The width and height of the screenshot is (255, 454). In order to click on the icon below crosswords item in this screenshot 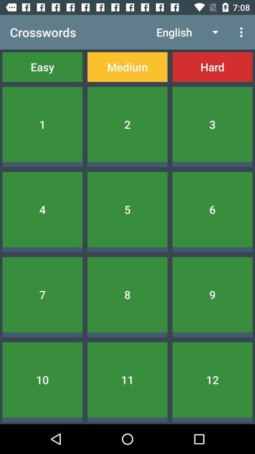, I will do `click(42, 66)`.